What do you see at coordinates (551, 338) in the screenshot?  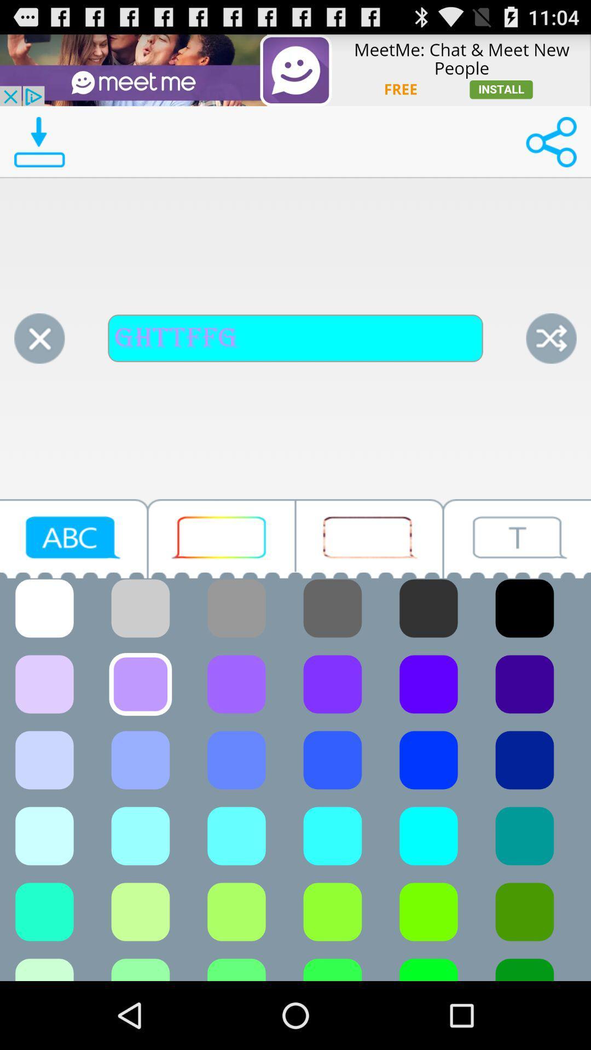 I see `and go` at bounding box center [551, 338].